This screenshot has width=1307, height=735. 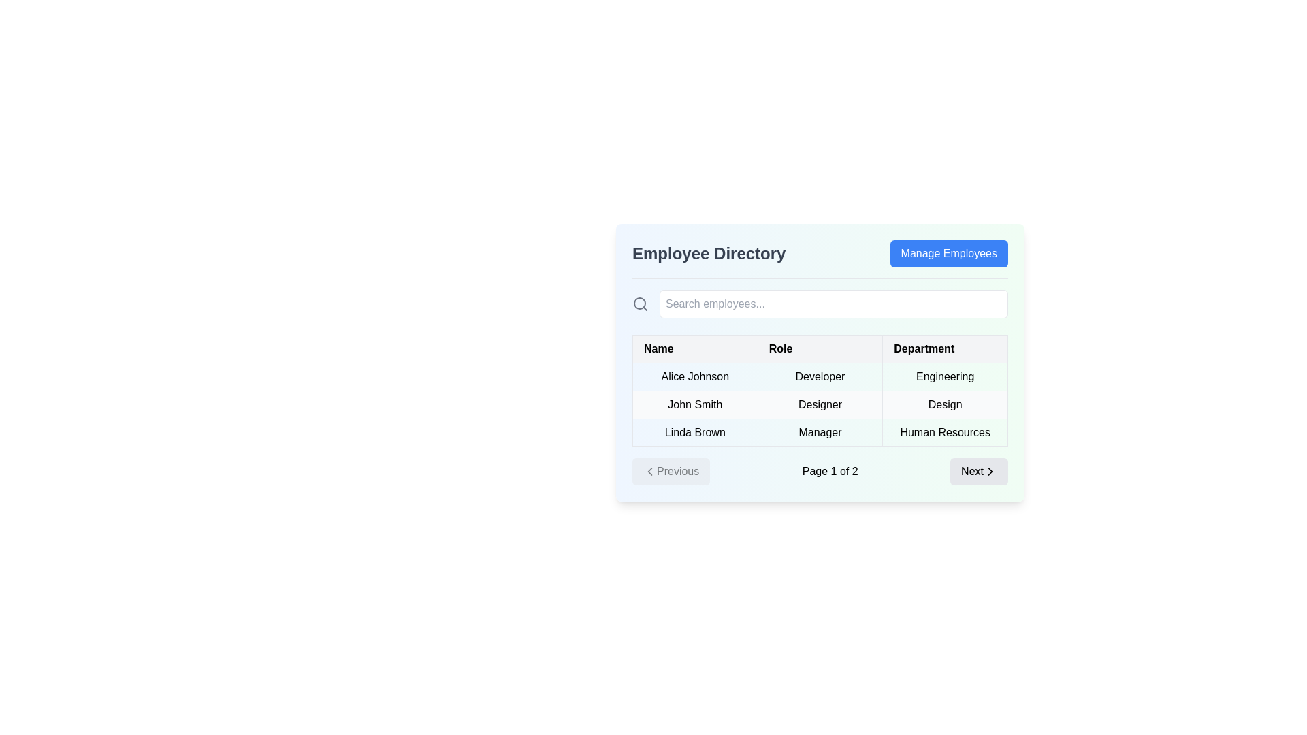 I want to click on the first row of the table containing the cells with 'Alice Johnson', 'Developer', and 'Engineering', so click(x=819, y=377).